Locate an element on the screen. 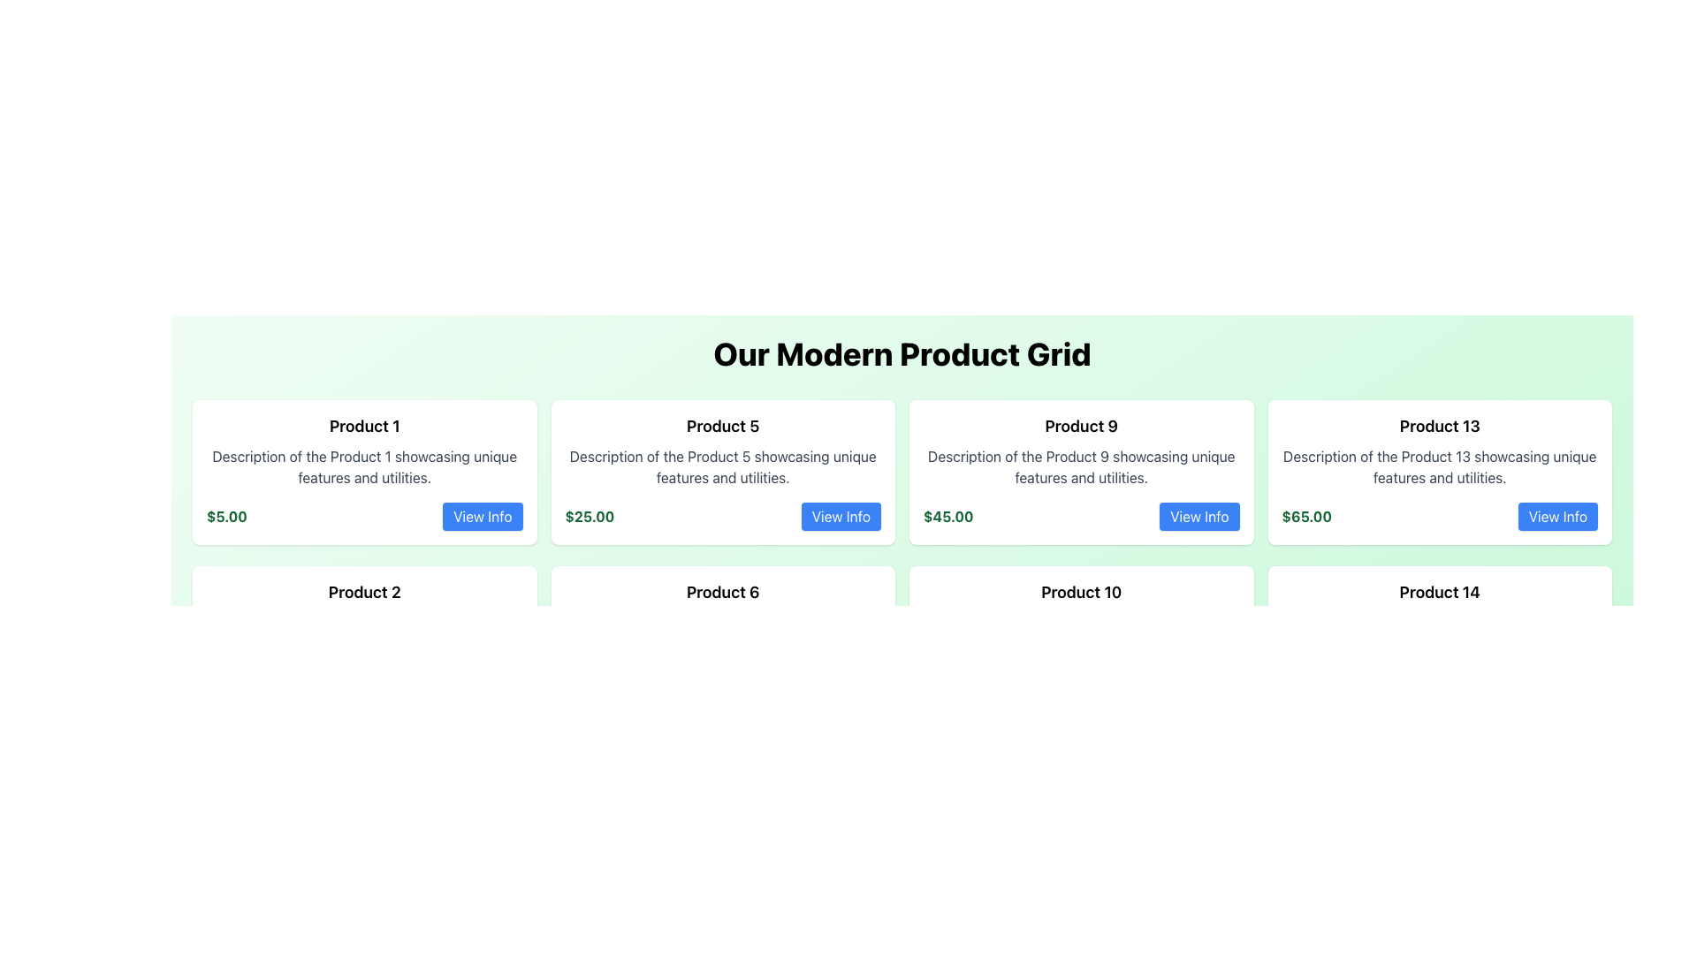 The height and width of the screenshot is (954, 1697). the blue 'View Info' button with white text located in the bottom-right corner of the 'Product 13' card is located at coordinates (1557, 517).